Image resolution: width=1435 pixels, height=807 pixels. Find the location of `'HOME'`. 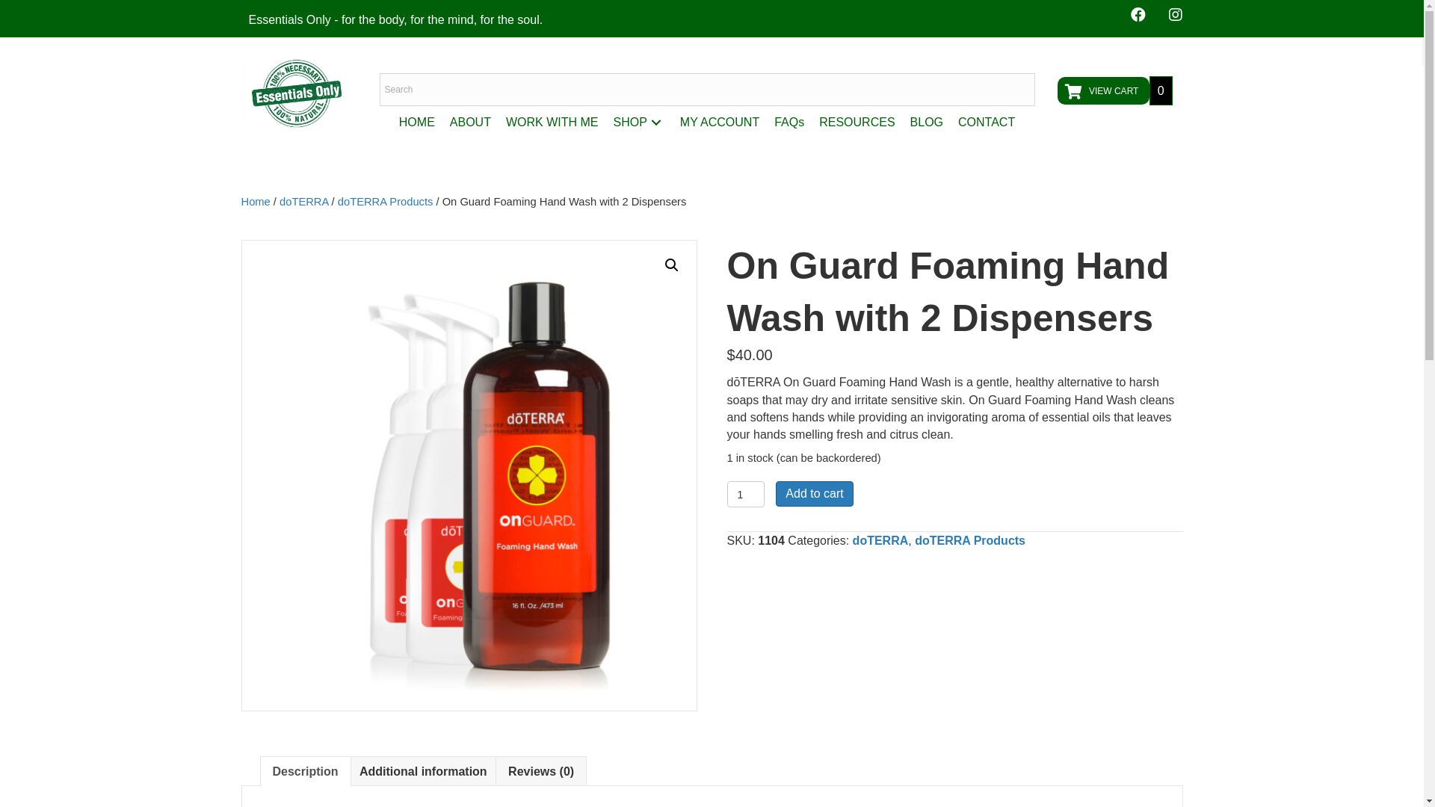

'HOME' is located at coordinates (416, 121).